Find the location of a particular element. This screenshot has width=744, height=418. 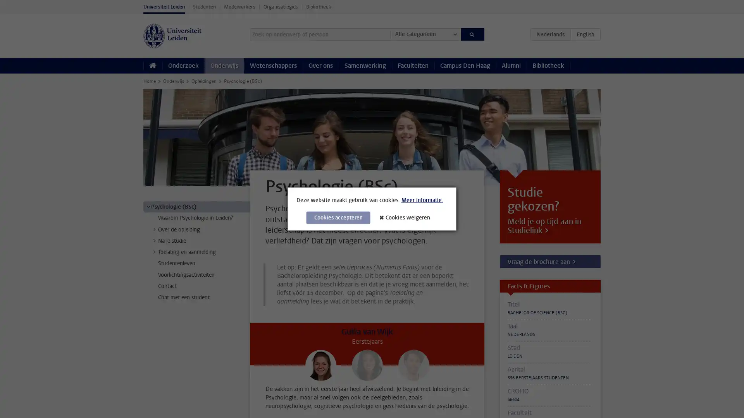

> is located at coordinates (148, 206).